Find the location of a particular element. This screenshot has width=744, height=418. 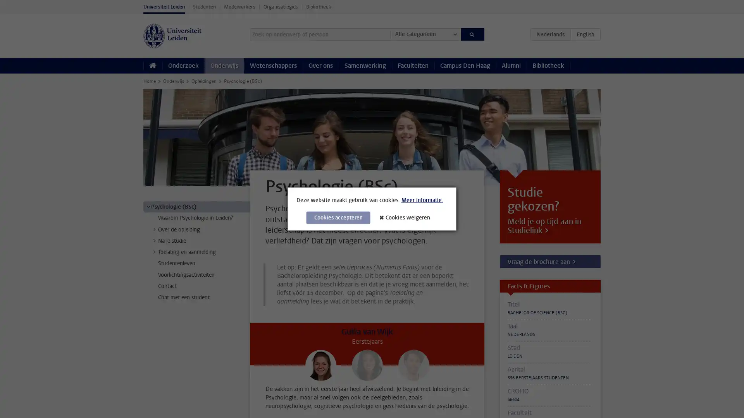

> is located at coordinates (148, 206).